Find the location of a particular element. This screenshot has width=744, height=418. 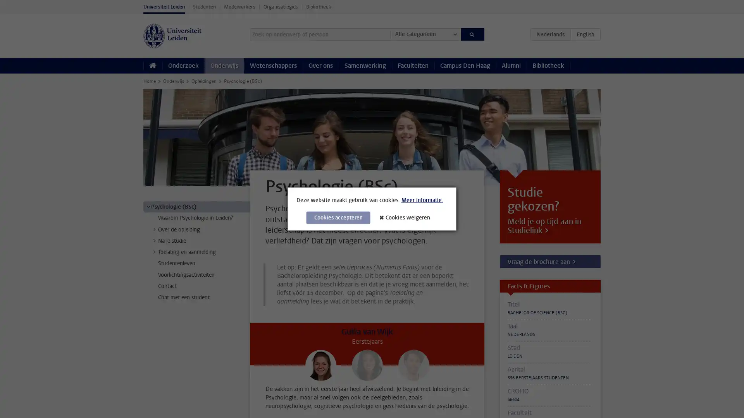

> is located at coordinates (148, 206).